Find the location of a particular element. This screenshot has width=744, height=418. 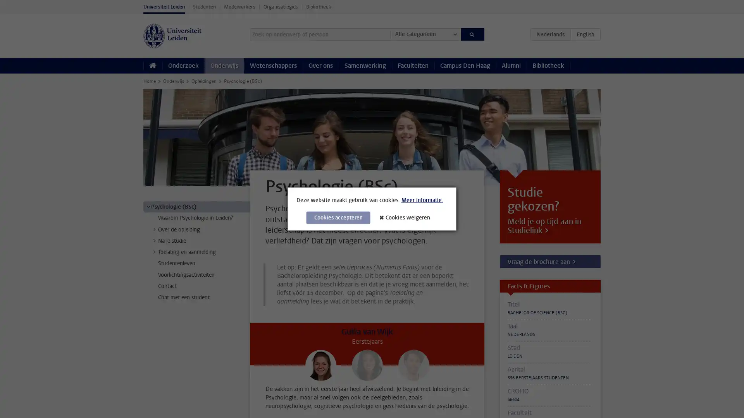

> is located at coordinates (148, 206).